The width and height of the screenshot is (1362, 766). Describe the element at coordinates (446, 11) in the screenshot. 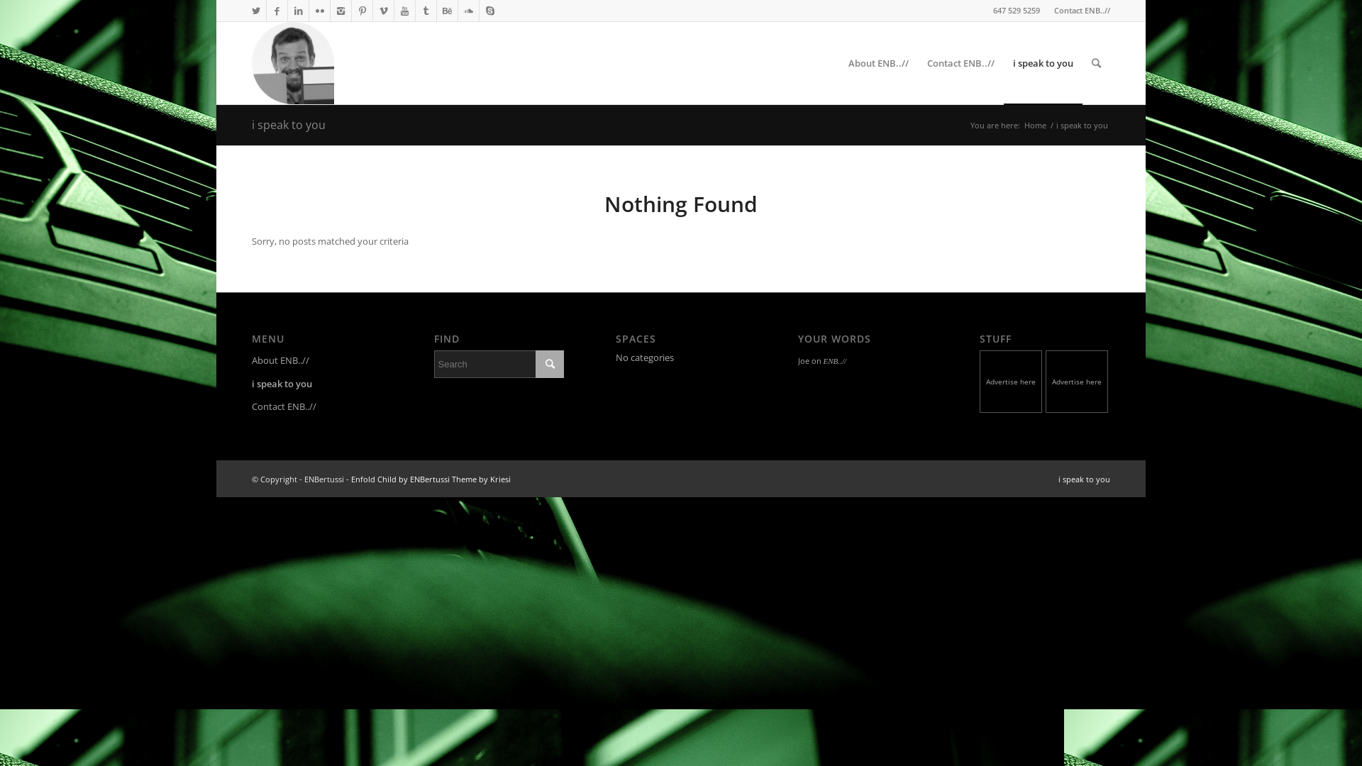

I see `'Behance'` at that location.